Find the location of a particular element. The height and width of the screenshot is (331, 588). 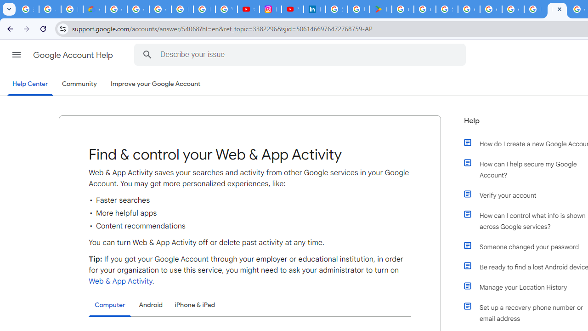

'Improve your Google Account' is located at coordinates (156, 84).